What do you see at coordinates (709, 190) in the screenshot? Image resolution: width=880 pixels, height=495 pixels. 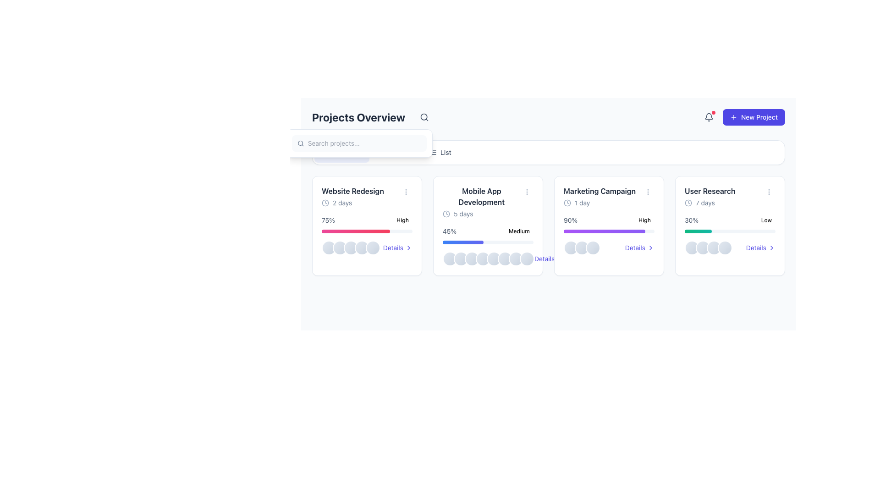 I see `bold text label 'User Research' located at the top-left of the fourth card in the row of project descriptions` at bounding box center [709, 190].